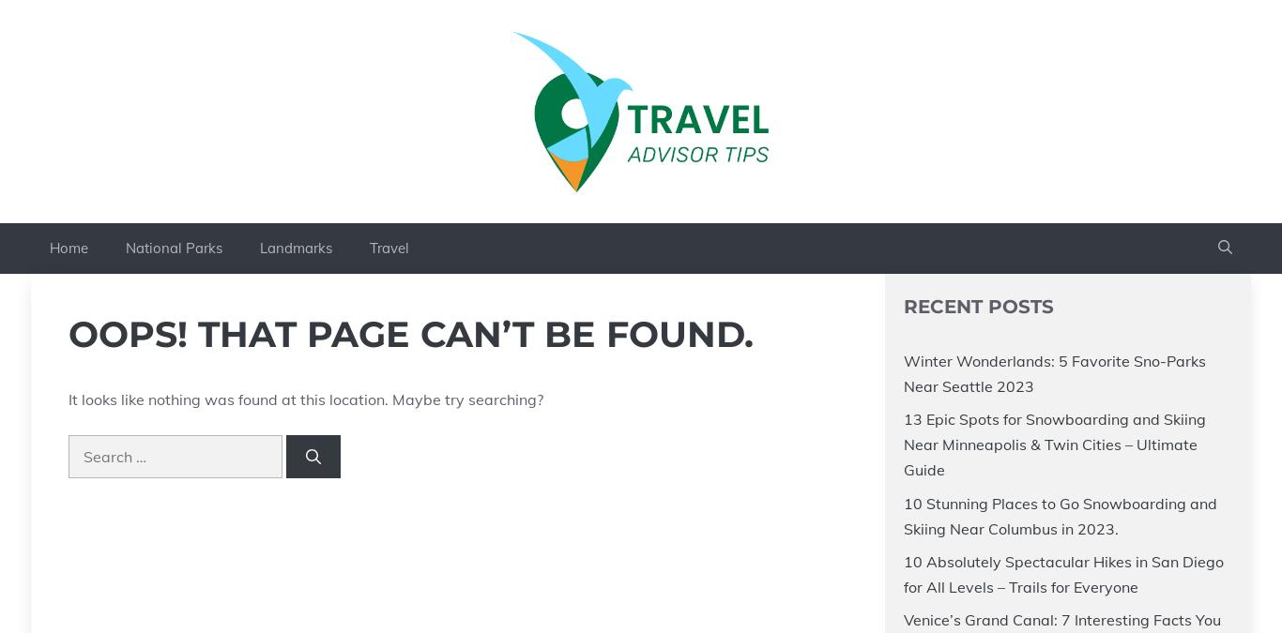 Image resolution: width=1282 pixels, height=633 pixels. I want to click on '10 Stunning Places to Go Snowboarding and Skiing Near Columbus in 2023.', so click(1059, 514).